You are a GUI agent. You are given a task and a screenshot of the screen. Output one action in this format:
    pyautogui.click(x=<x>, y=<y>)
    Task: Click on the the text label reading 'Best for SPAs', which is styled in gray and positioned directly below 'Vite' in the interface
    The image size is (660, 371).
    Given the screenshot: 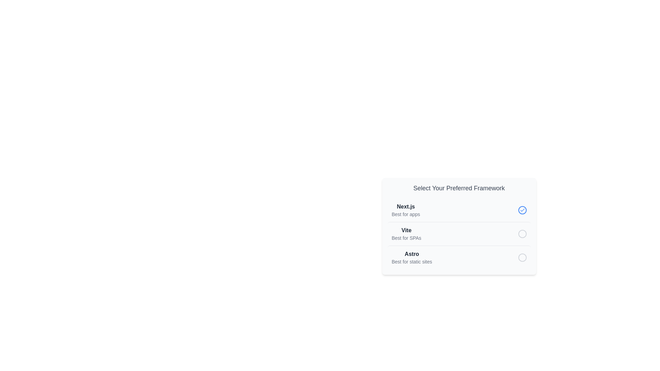 What is the action you would take?
    pyautogui.click(x=406, y=238)
    